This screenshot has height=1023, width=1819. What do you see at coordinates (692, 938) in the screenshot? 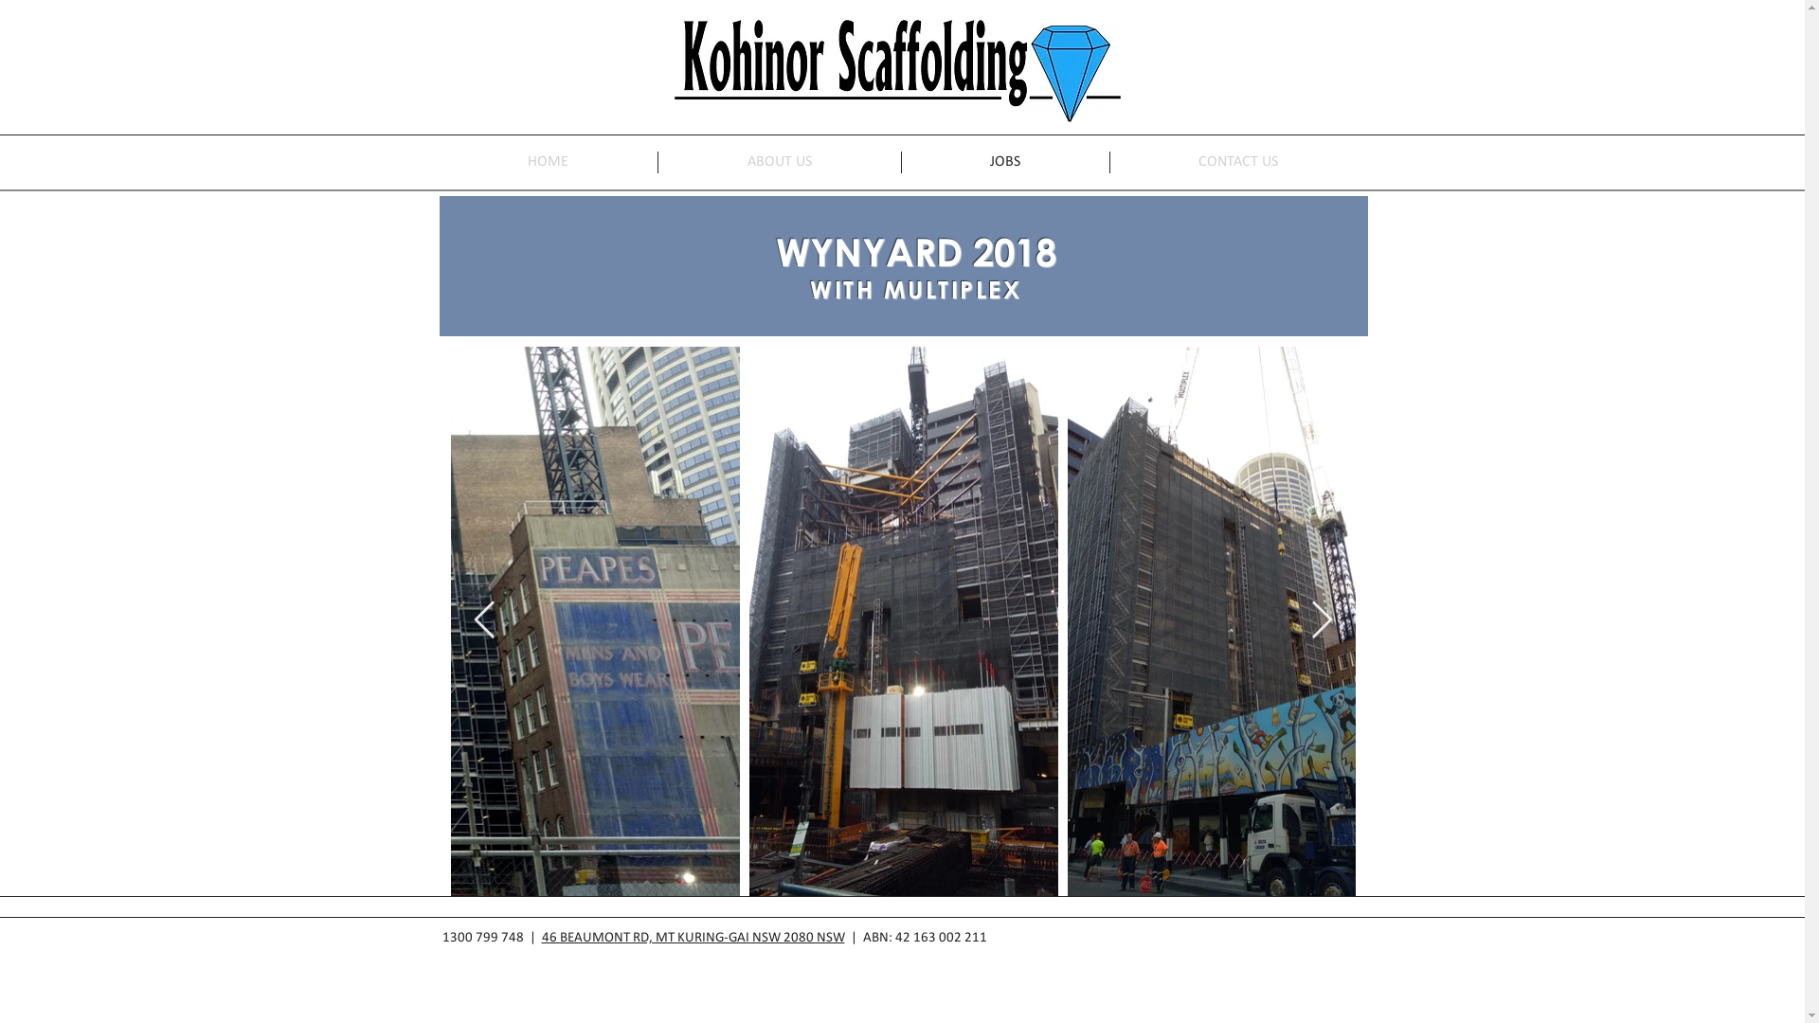
I see `'46 BEAUMONT RD, MT KURING-GAI NSW 2080 NSW'` at bounding box center [692, 938].